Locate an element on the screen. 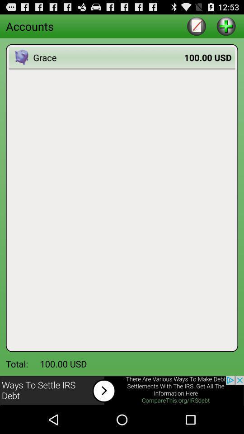 This screenshot has height=434, width=244. advertisement page is located at coordinates (122, 390).